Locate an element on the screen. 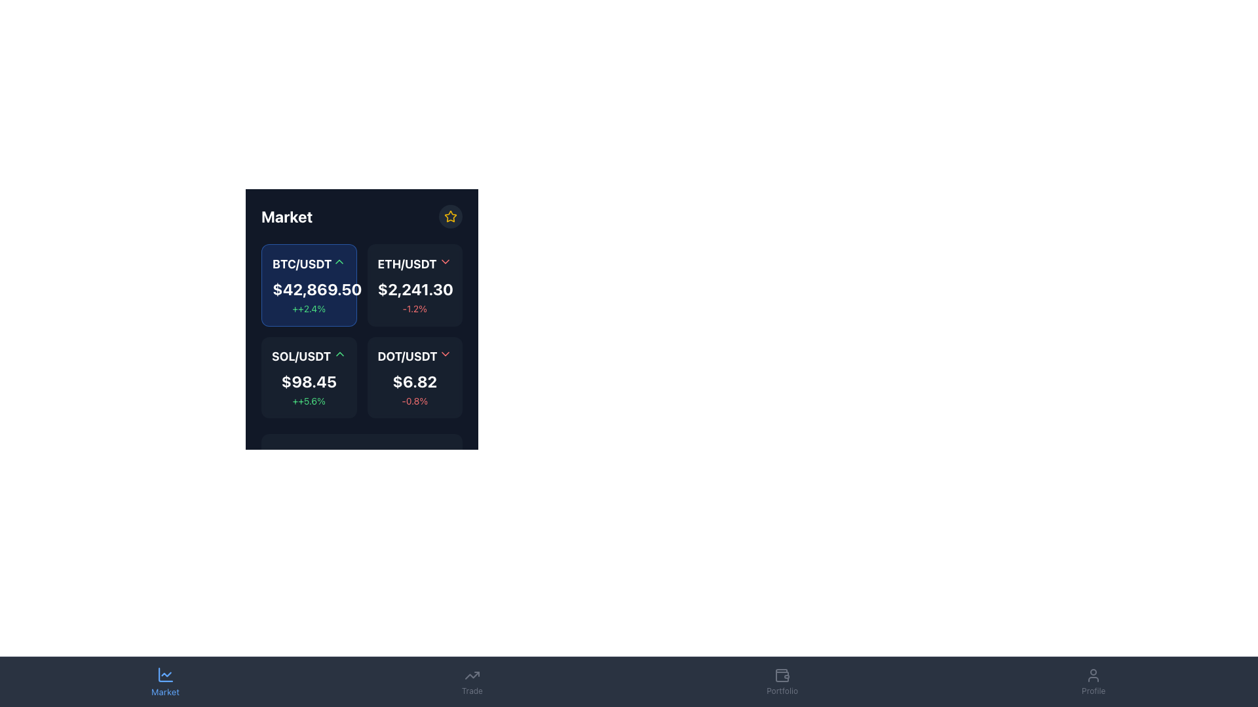 This screenshot has height=707, width=1258. the text content of the 'ETH/USDT' label displayed in bold white font against a dark background, located in the top row of the market data grid, to the right of the 'BTC/USDT' element is located at coordinates (406, 264).